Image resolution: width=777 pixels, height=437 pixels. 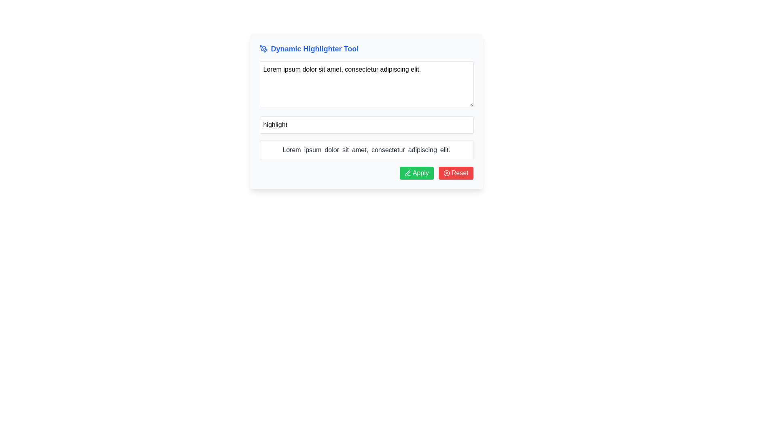 I want to click on the decorative icon located at the leftmost side of the header section containing the text 'Dynamic Highlighter Tool', so click(x=263, y=49).